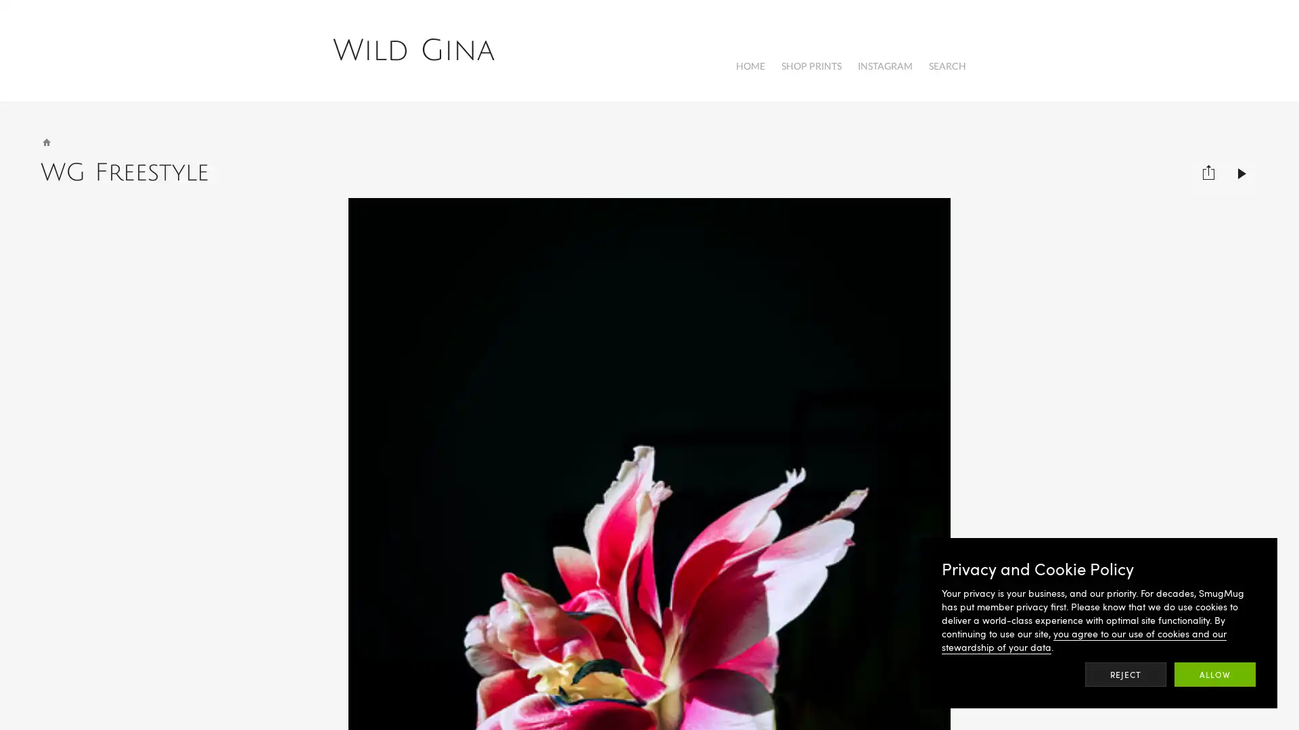  Describe the element at coordinates (1214, 675) in the screenshot. I see `ALLOW` at that location.